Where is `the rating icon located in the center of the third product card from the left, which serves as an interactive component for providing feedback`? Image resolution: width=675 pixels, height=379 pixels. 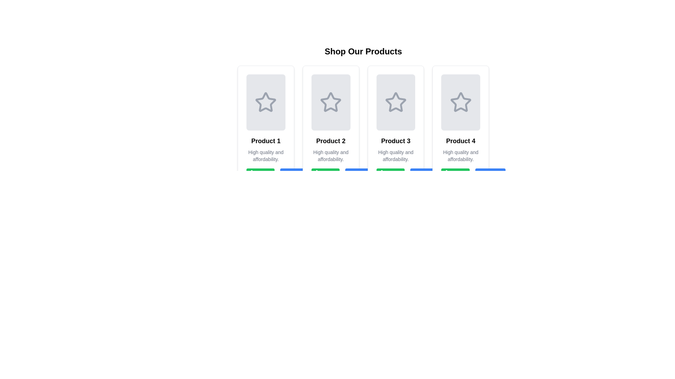
the rating icon located in the center of the third product card from the left, which serves as an interactive component for providing feedback is located at coordinates (396, 102).